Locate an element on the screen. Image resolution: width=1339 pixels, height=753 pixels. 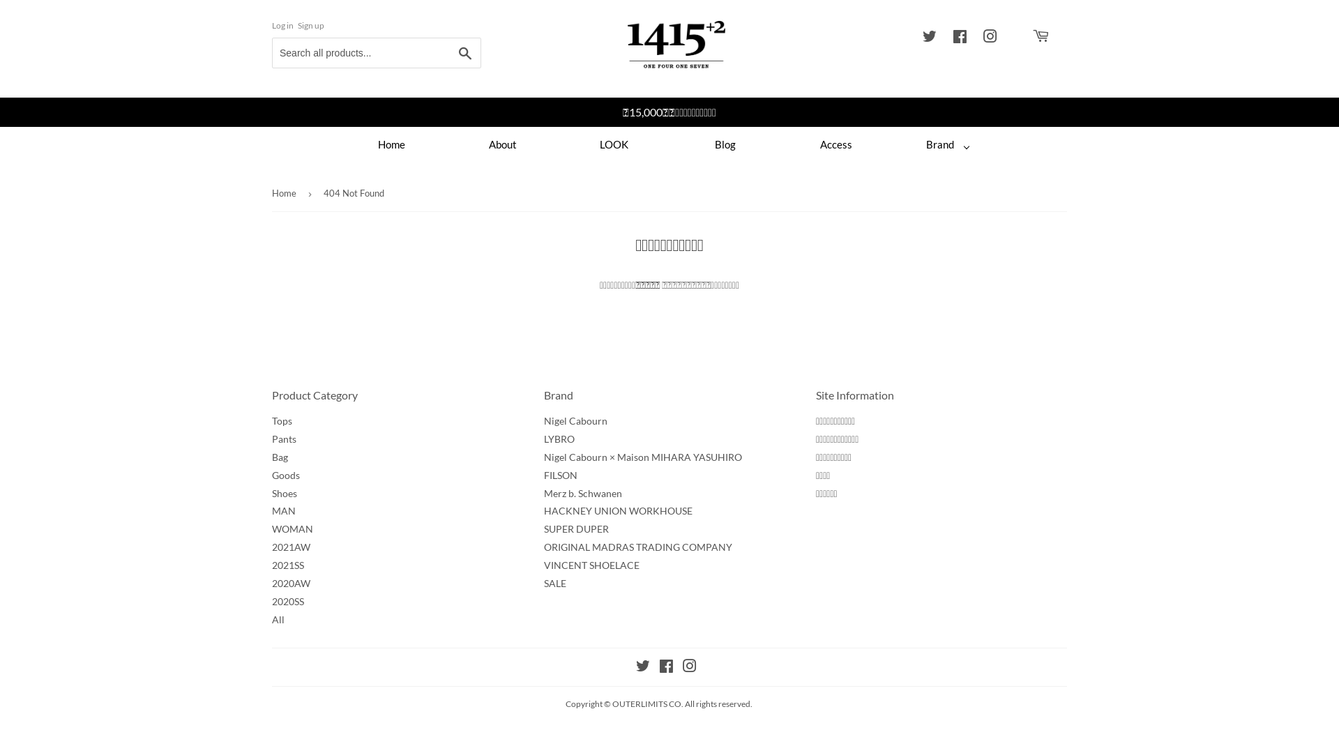
'Blog' is located at coordinates (725, 144).